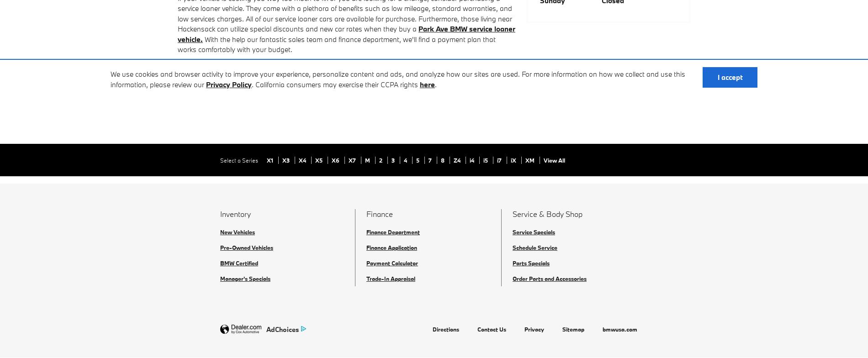  Describe the element at coordinates (547, 213) in the screenshot. I see `'Service & Body Shop'` at that location.